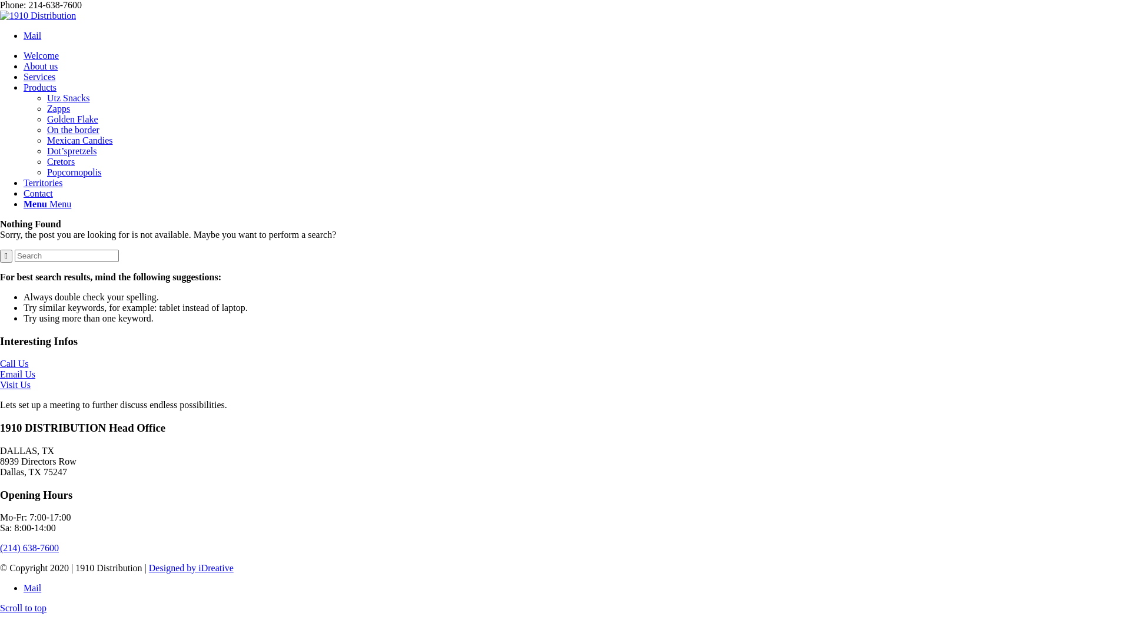  Describe the element at coordinates (47, 203) in the screenshot. I see `'Menu Menu'` at that location.